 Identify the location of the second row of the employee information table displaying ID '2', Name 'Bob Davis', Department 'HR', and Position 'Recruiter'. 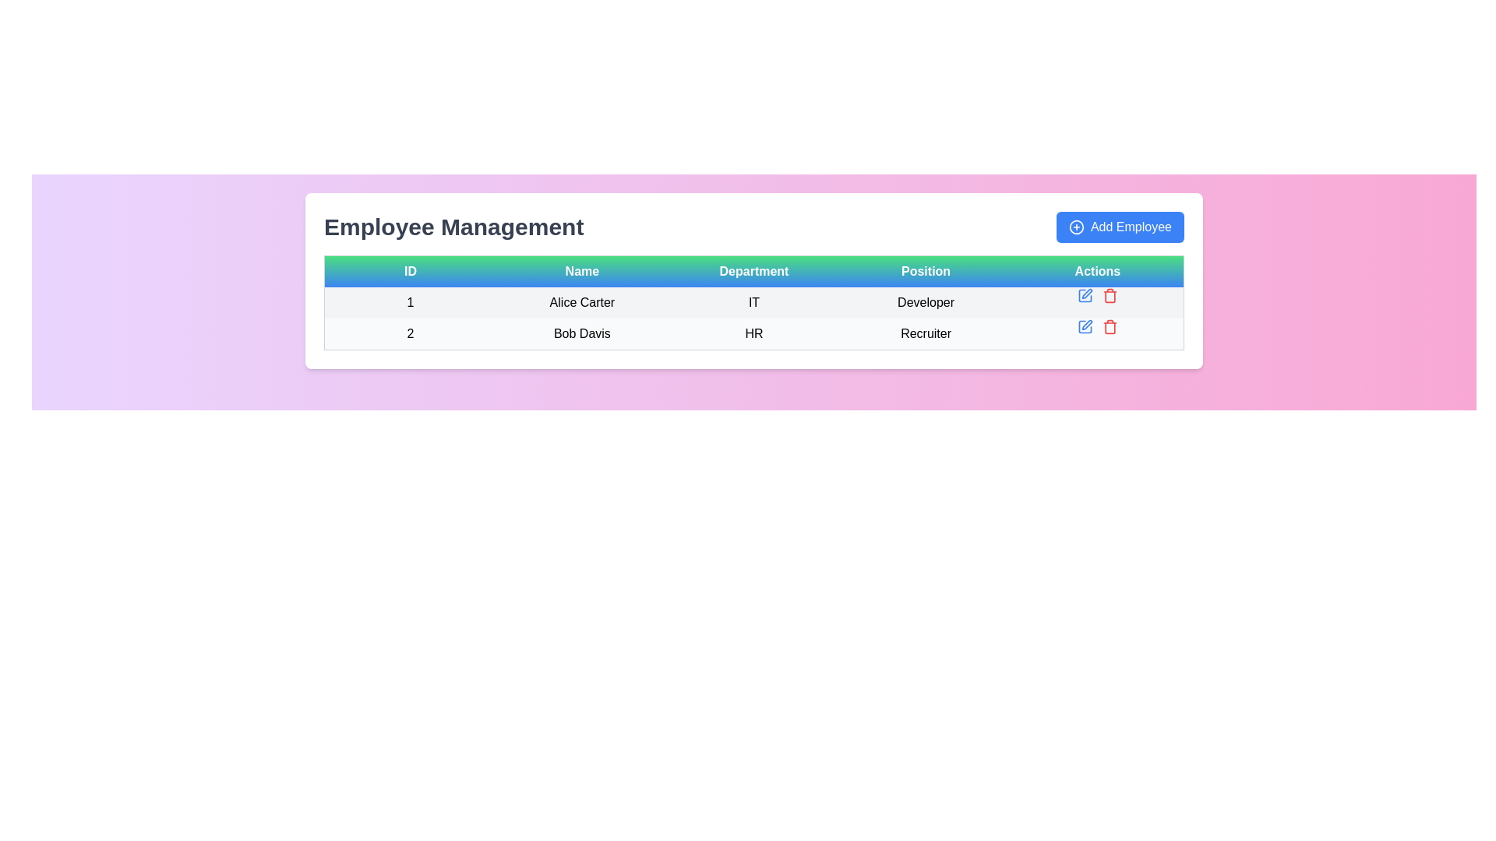
(754, 333).